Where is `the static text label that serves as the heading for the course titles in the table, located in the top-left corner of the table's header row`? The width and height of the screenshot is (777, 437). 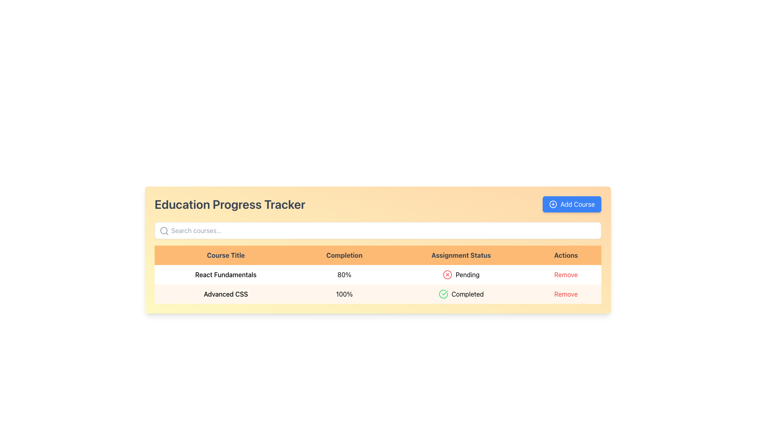 the static text label that serves as the heading for the course titles in the table, located in the top-left corner of the table's header row is located at coordinates (226, 255).